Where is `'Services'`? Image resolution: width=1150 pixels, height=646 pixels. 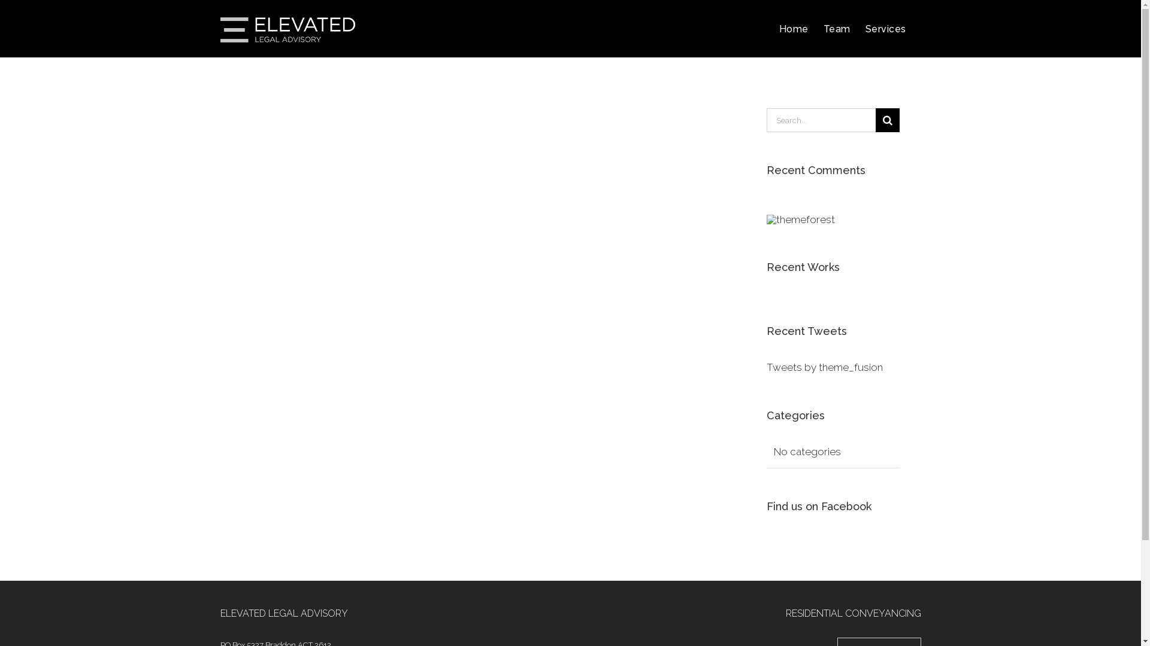 'Services' is located at coordinates (885, 28).